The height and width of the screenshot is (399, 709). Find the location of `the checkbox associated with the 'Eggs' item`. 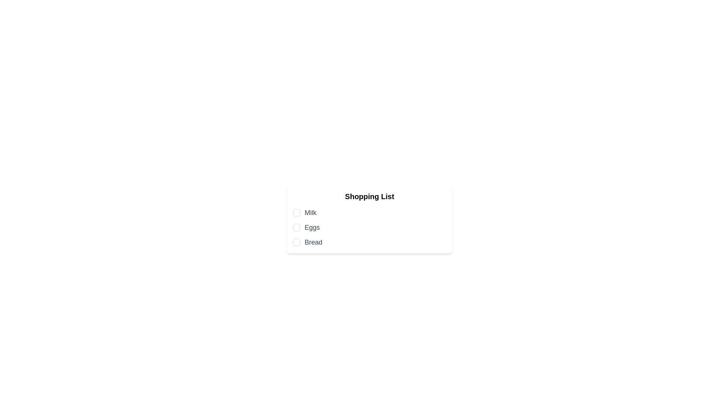

the checkbox associated with the 'Eggs' item is located at coordinates (296, 227).